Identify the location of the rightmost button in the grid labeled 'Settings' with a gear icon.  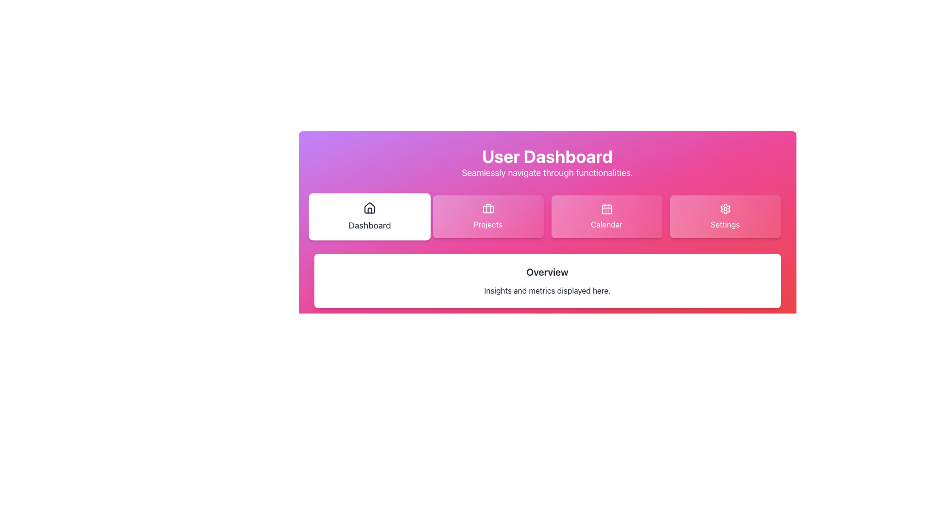
(725, 216).